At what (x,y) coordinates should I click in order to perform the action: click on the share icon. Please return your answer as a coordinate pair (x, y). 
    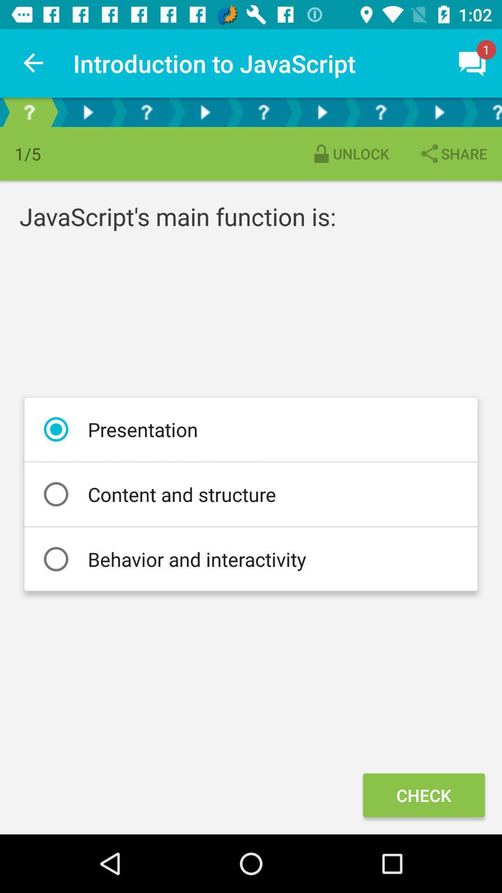
    Looking at the image, I should click on (452, 153).